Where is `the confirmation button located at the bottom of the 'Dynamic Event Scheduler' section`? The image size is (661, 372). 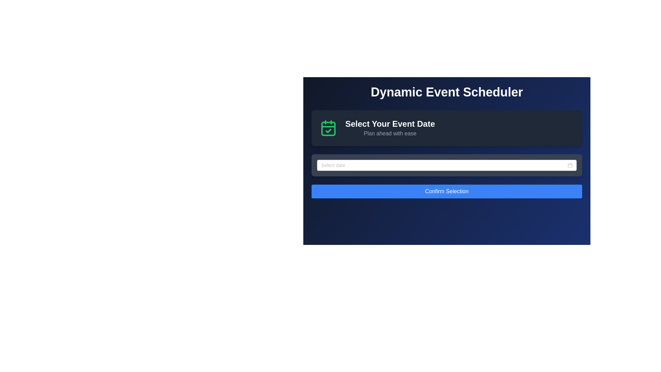
the confirmation button located at the bottom of the 'Dynamic Event Scheduler' section is located at coordinates (447, 191).